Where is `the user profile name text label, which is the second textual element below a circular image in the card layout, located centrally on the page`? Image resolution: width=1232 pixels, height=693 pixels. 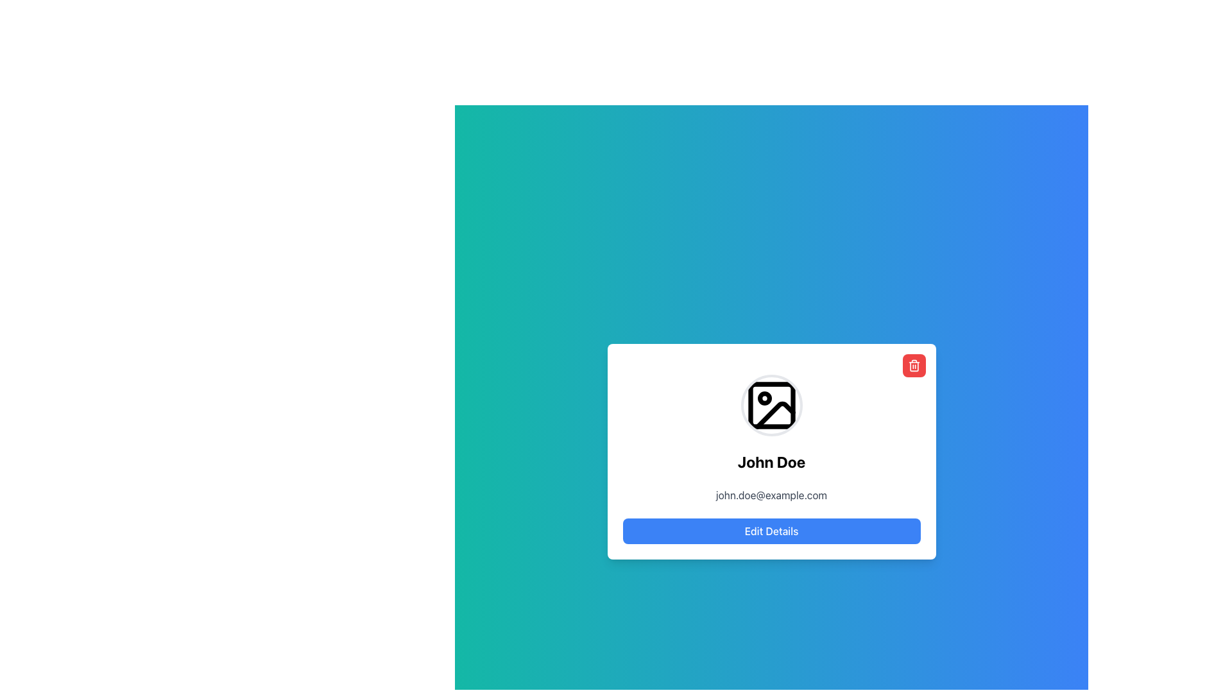
the user profile name text label, which is the second textual element below a circular image in the card layout, located centrally on the page is located at coordinates (771, 462).